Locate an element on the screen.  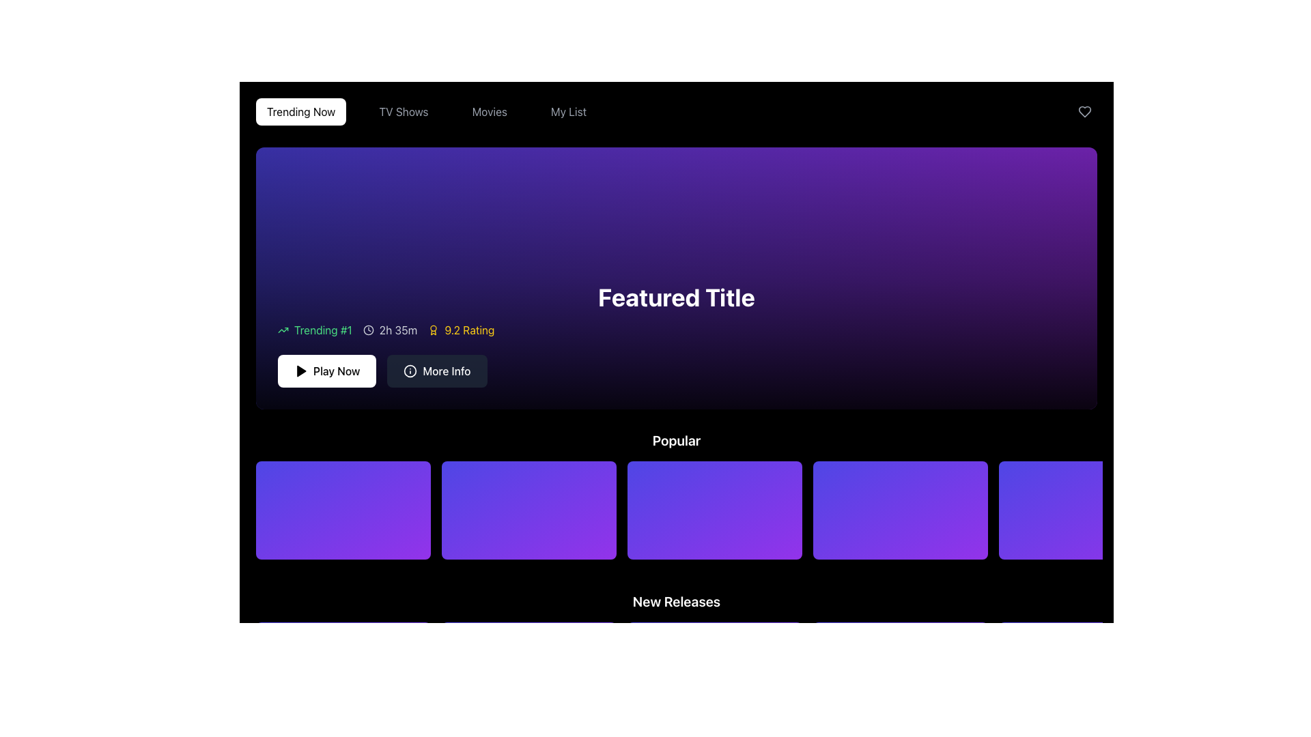
the yellow award or badge icon located to the left of the text '9.2 Rating' is located at coordinates (433, 330).